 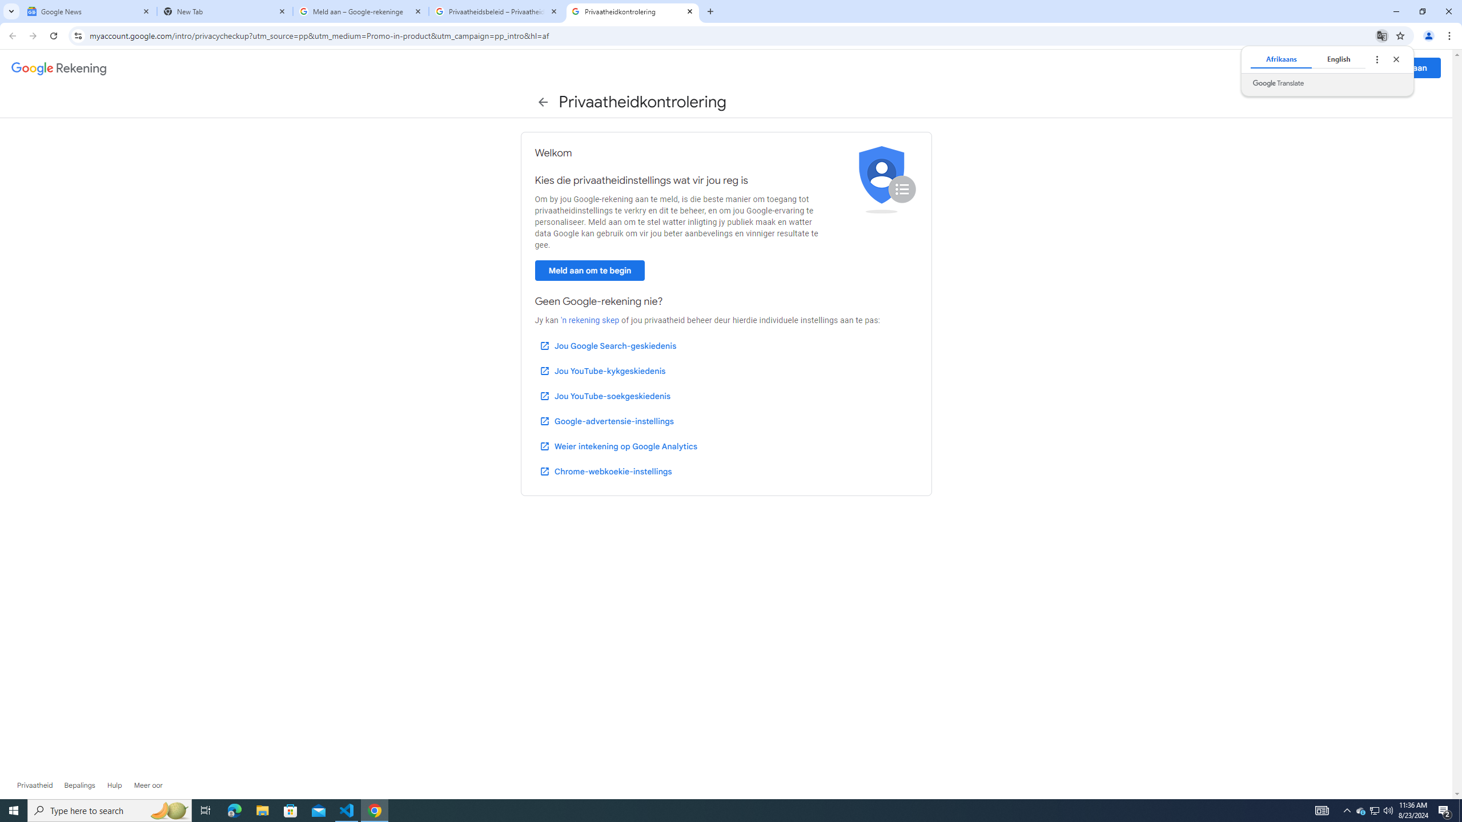 What do you see at coordinates (1376, 59) in the screenshot?
I see `'Translate options'` at bounding box center [1376, 59].